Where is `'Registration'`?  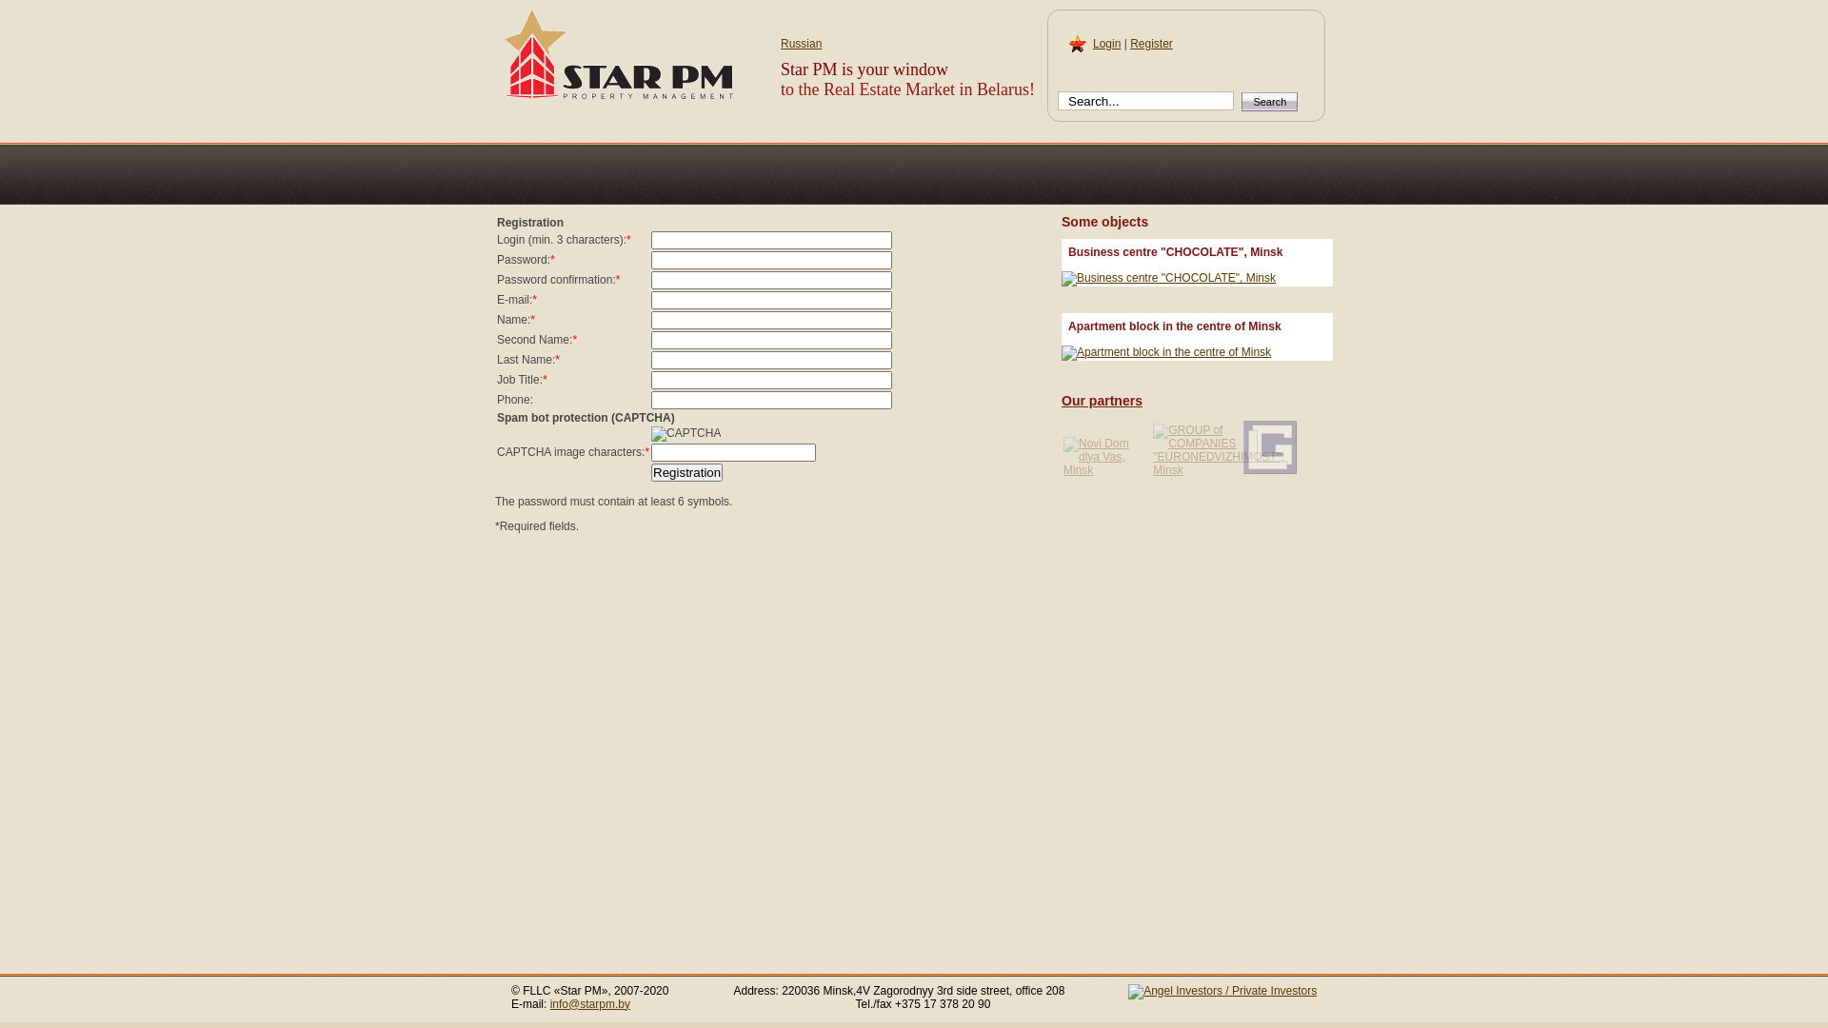
'Registration' is located at coordinates (685, 471).